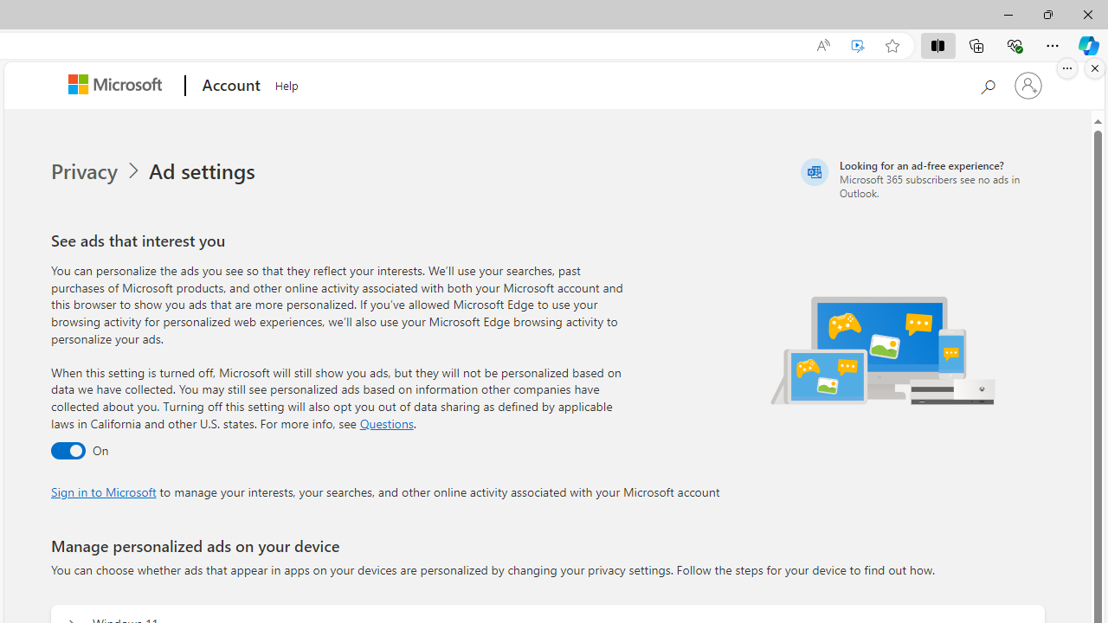  What do you see at coordinates (892, 45) in the screenshot?
I see `'Add this page to favorites (Ctrl+D)'` at bounding box center [892, 45].